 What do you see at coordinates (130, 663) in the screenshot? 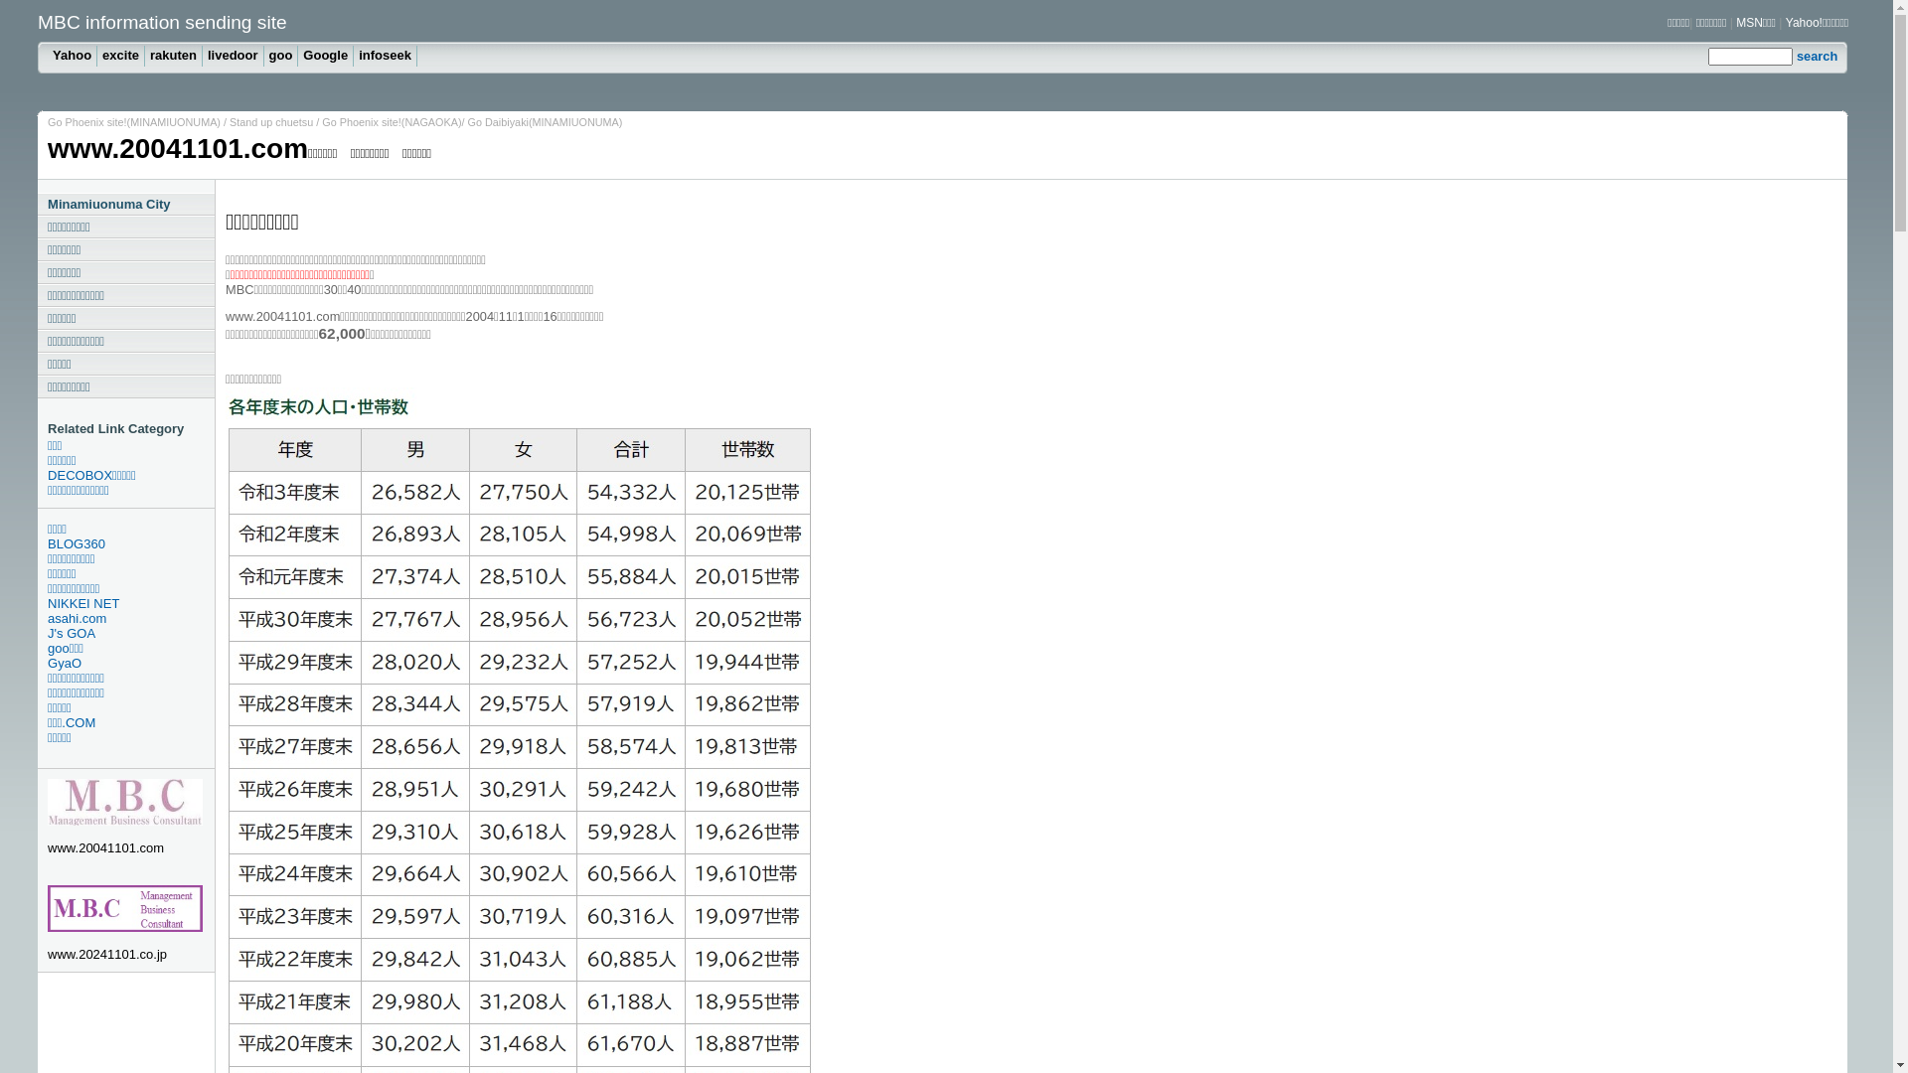
I see `'GyaO'` at bounding box center [130, 663].